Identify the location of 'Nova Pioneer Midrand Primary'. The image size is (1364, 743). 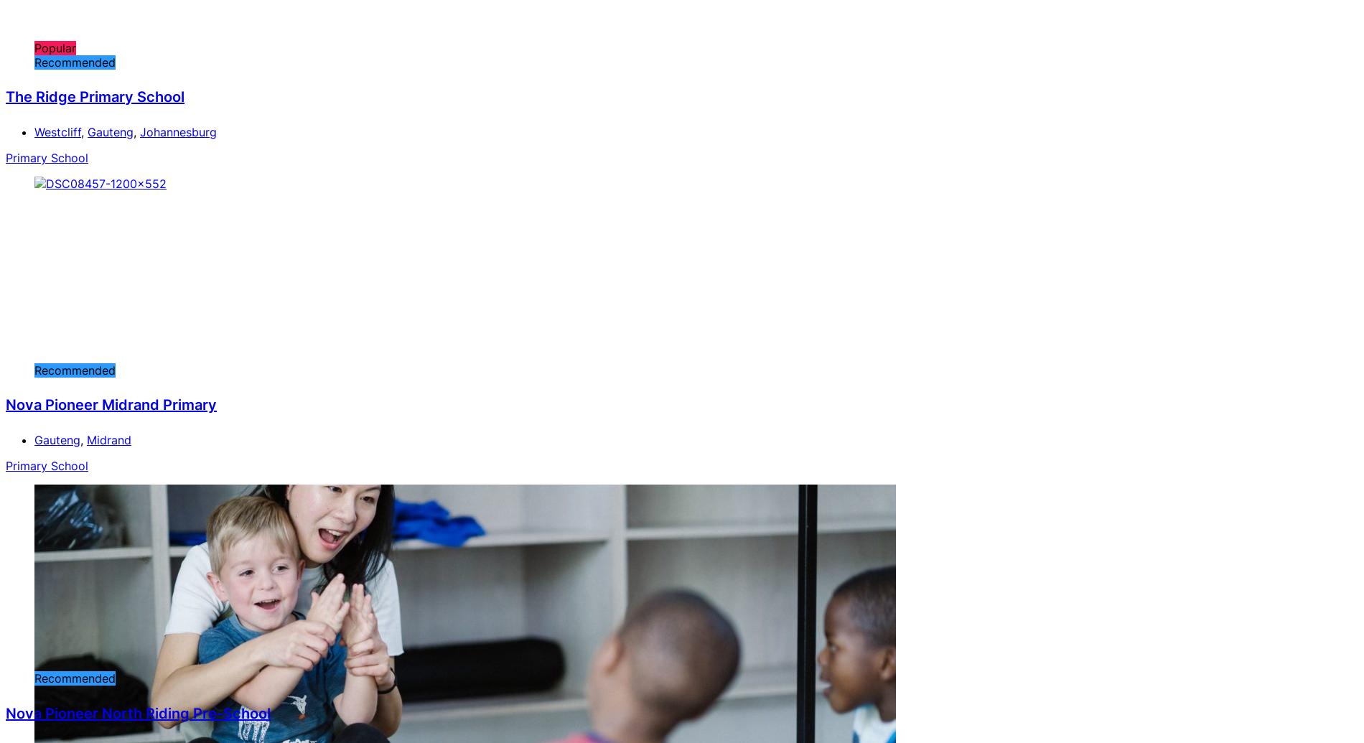
(111, 403).